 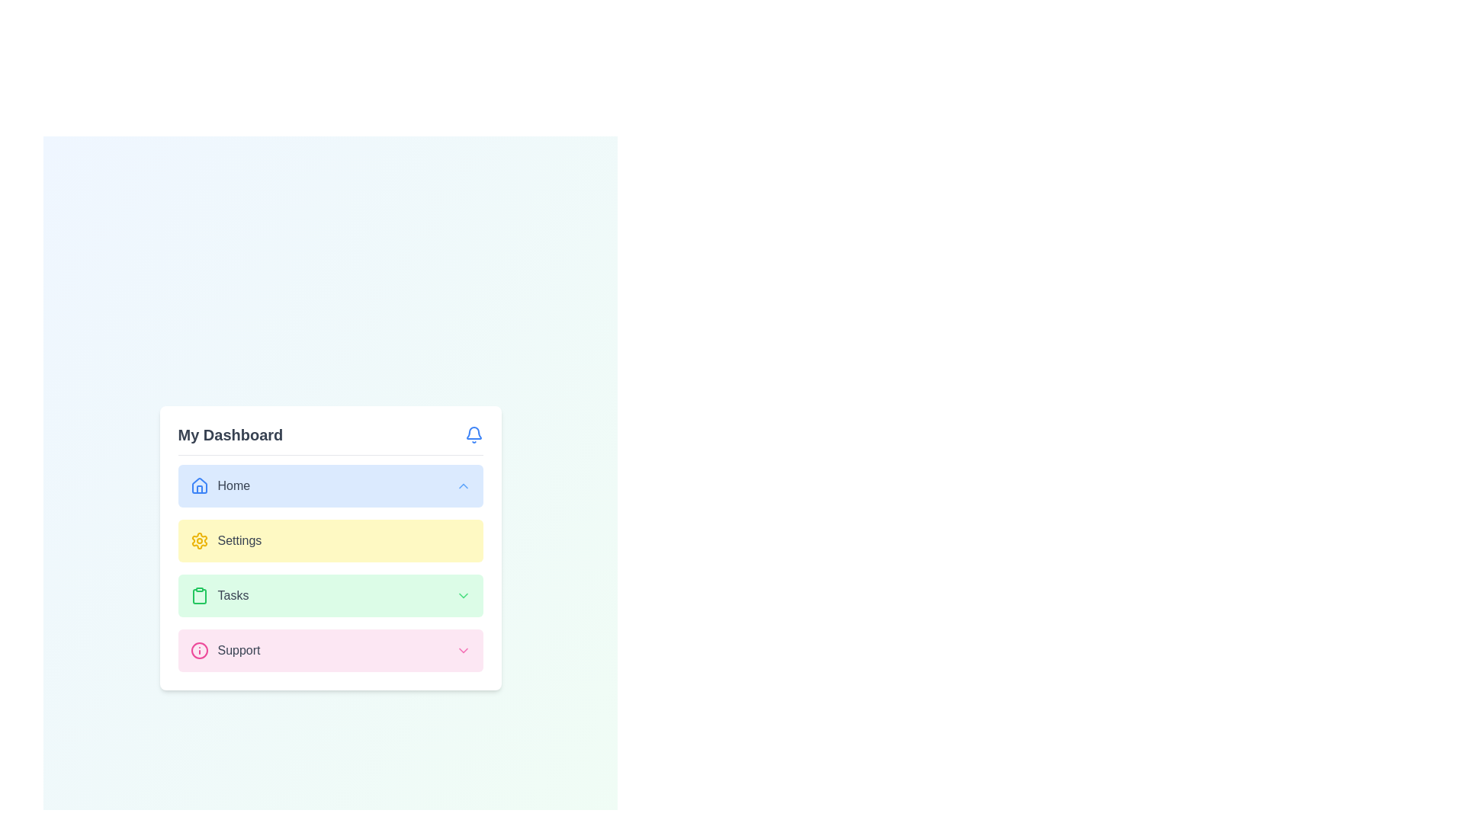 I want to click on the 'Tasks' menu item, which is located in the third section of the dashboard menu, positioned below 'Settings' and above 'Support', so click(x=219, y=594).